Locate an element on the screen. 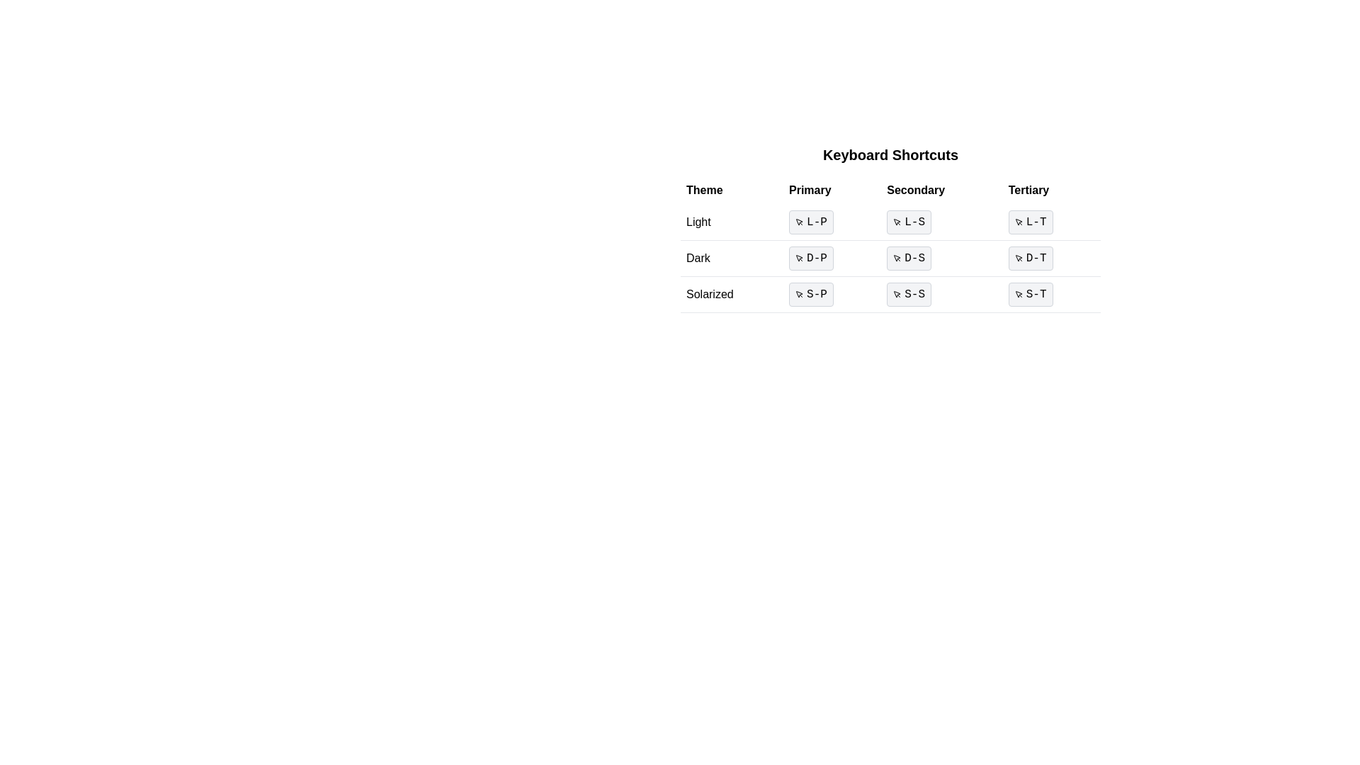  the 'Solarized' theme label associated with the 'Primary' action is located at coordinates (817, 294).